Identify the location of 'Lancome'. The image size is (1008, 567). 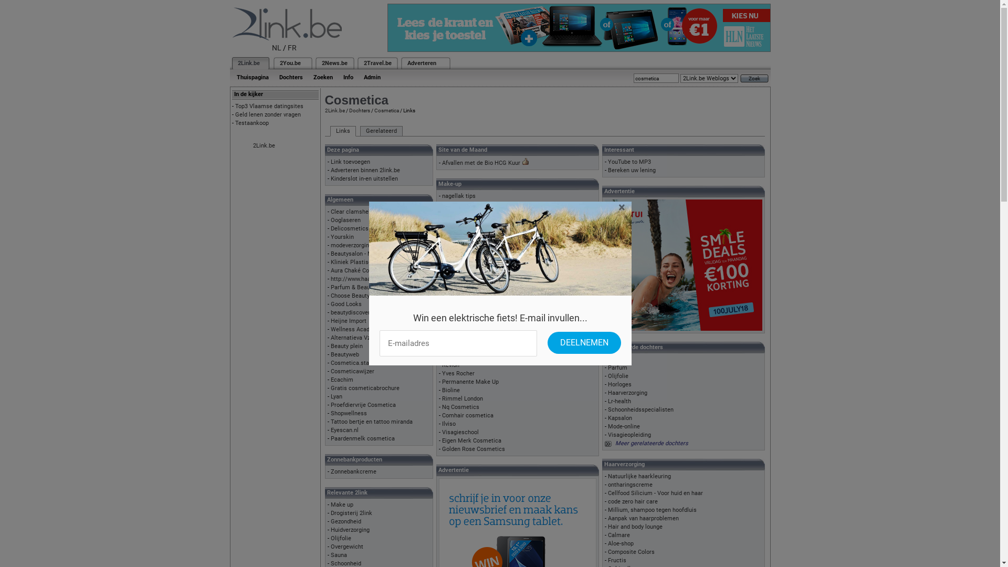
(454, 340).